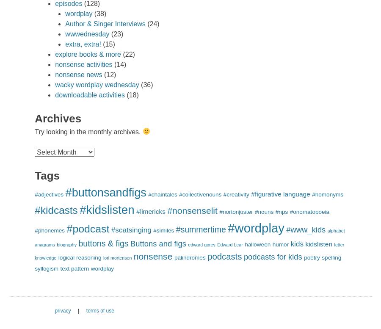 The image size is (381, 329). I want to click on '(15)', so click(107, 43).